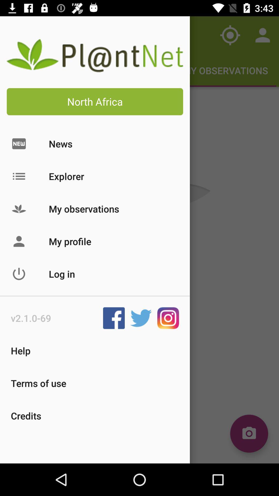 The height and width of the screenshot is (496, 279). I want to click on the photo icon, so click(249, 433).